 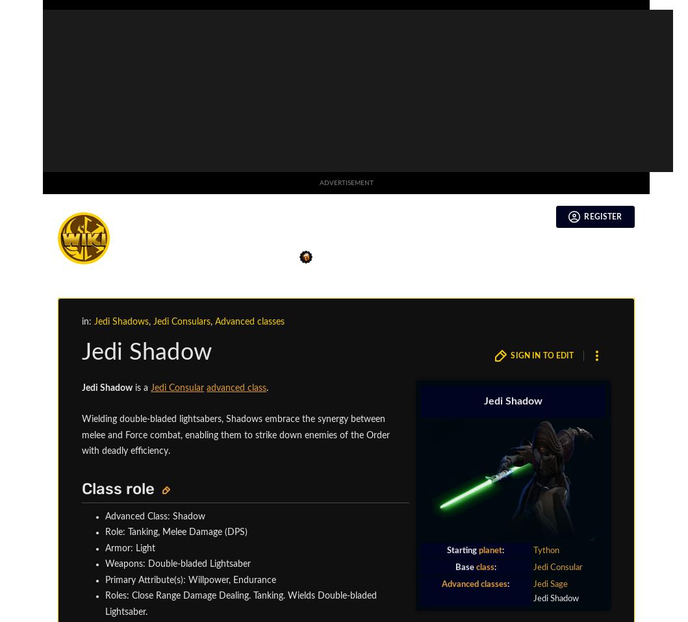 I want to click on 'Operative', so click(x=422, y=125).